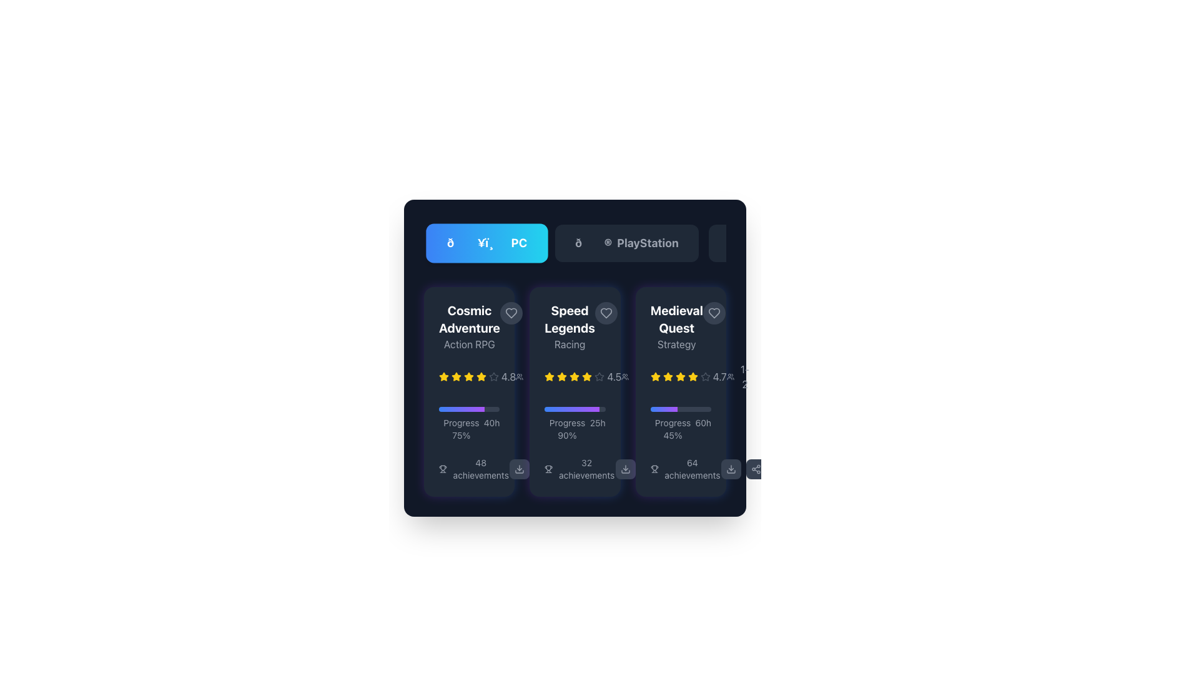 This screenshot has width=1199, height=674. What do you see at coordinates (461, 409) in the screenshot?
I see `the progress bar indicator located at the lower center of the 'Cosmic Adventure' card, which visually represents 75% completion` at bounding box center [461, 409].